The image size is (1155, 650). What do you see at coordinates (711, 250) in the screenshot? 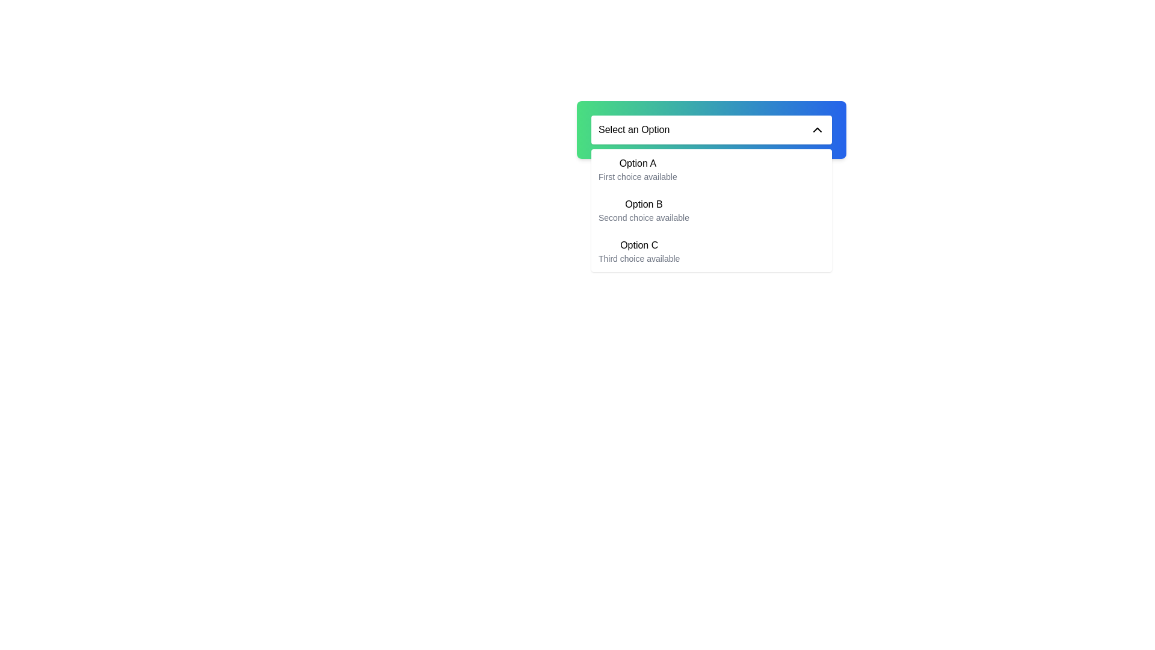
I see `the dropdown menu option labeled 'Option C' which is bolded and styled with a smaller gray font for the description 'Third choice available'` at bounding box center [711, 250].